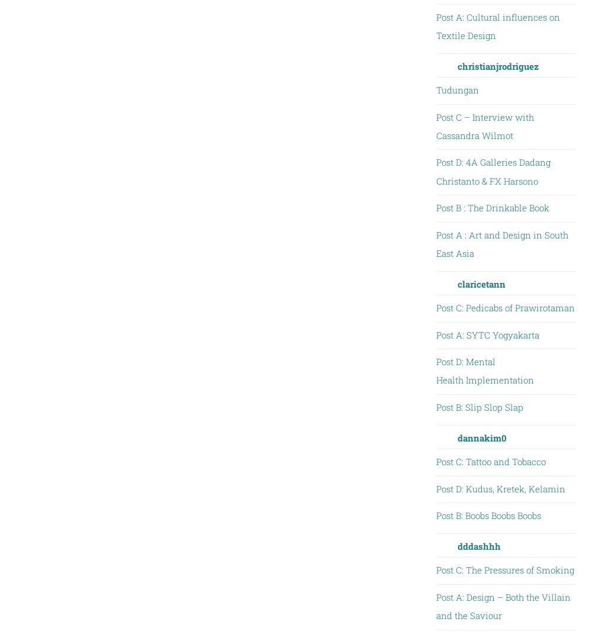 This screenshot has height=638, width=592. Describe the element at coordinates (491, 207) in the screenshot. I see `'Post B : The Drinkable Book'` at that location.